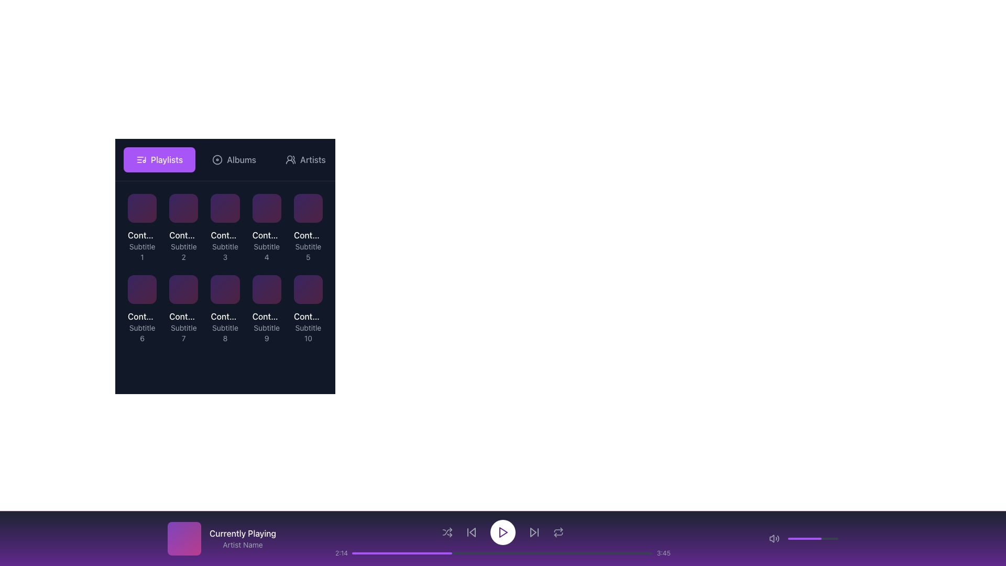 The image size is (1006, 566). Describe the element at coordinates (503, 532) in the screenshot. I see `the playback control button located centrally in the bottom control bar of the interface` at that location.